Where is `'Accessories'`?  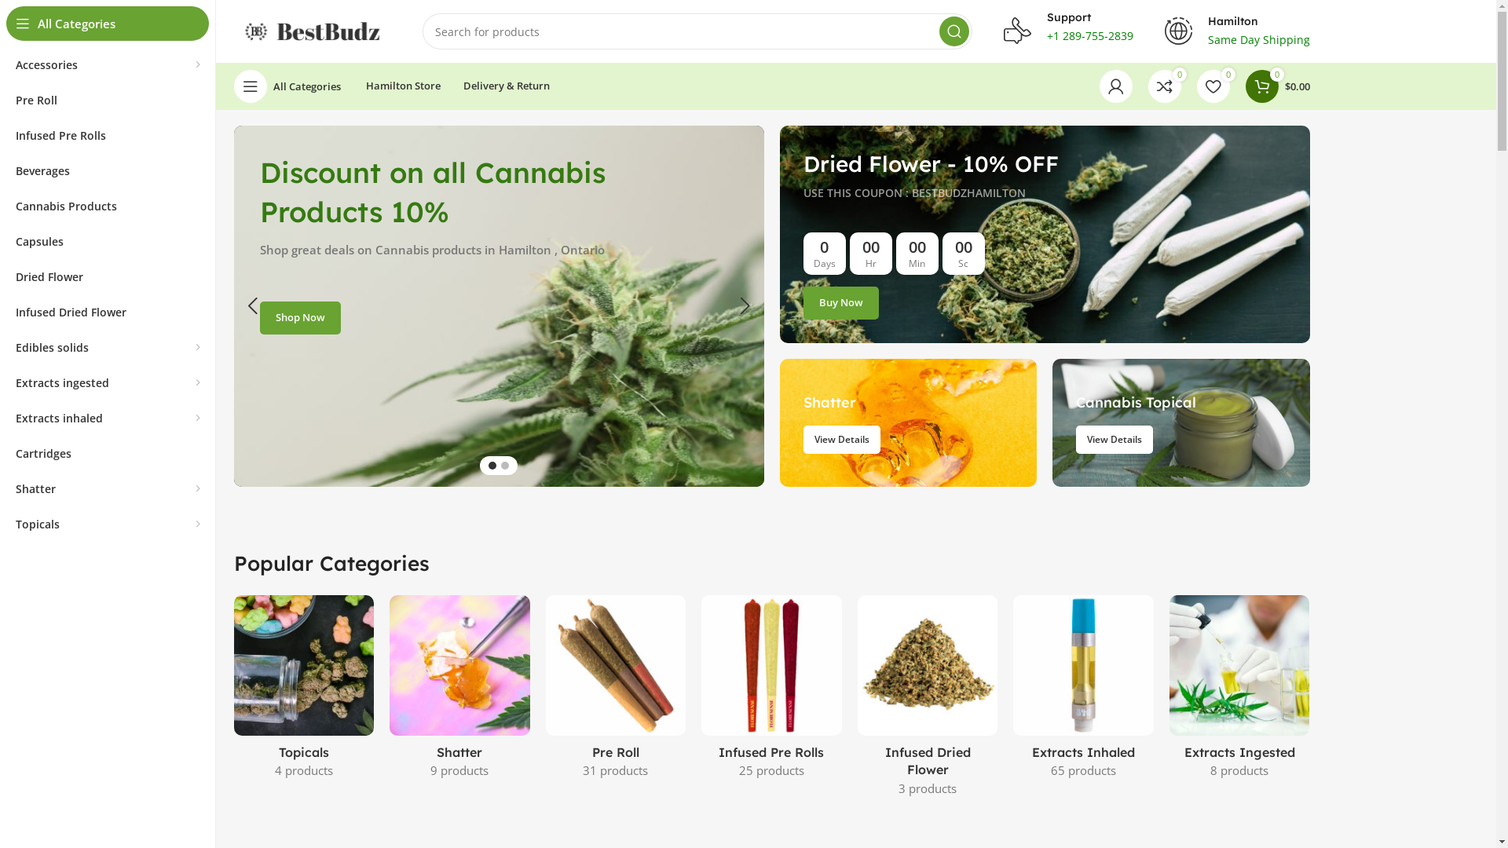
'Accessories' is located at coordinates (107, 64).